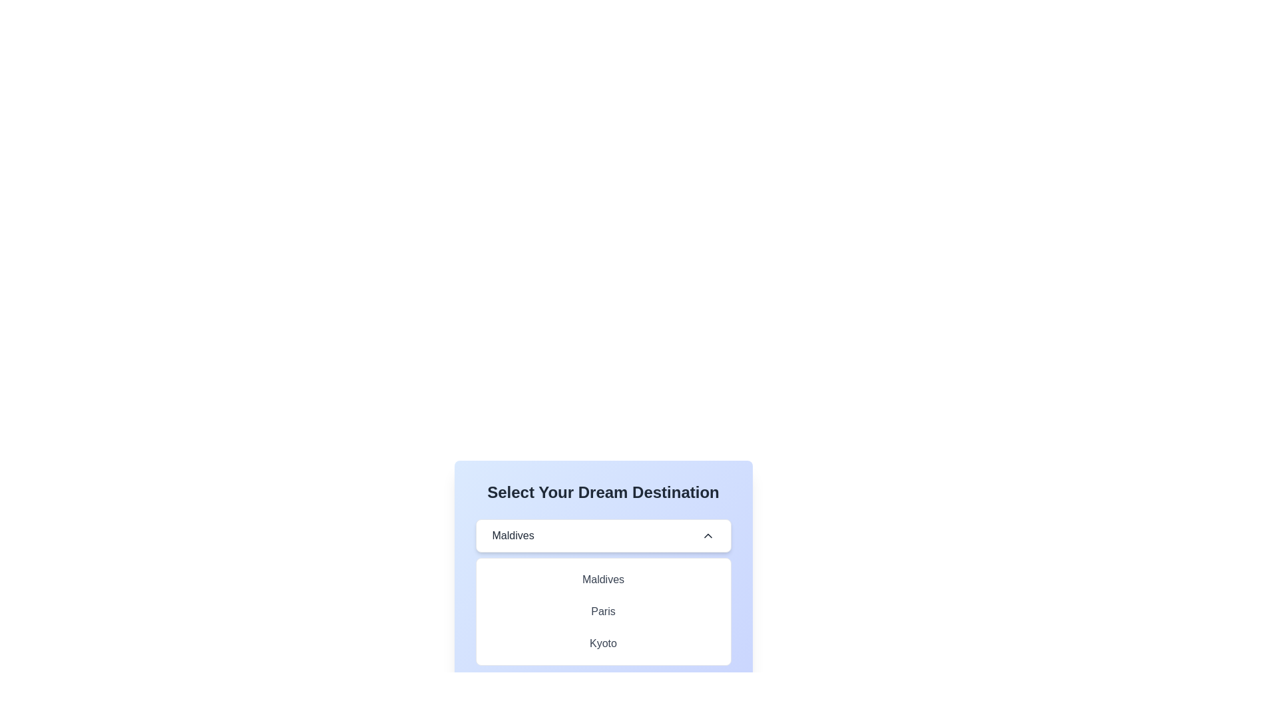 This screenshot has height=719, width=1278. What do you see at coordinates (602, 493) in the screenshot?
I see `the prominently displayed text label 'Select Your Dream Destination', which is styled with a large, bold font and is located at the top of the section with a light blue gradient background` at bounding box center [602, 493].